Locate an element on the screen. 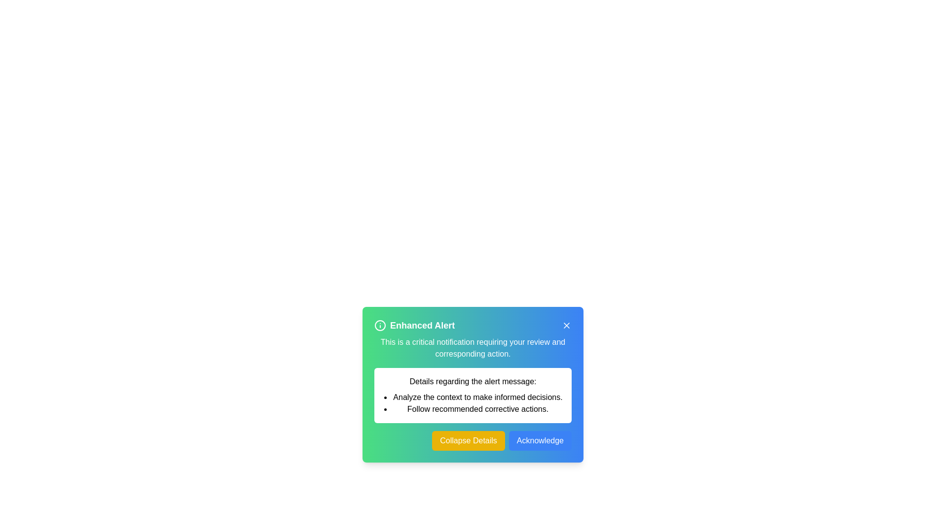 The width and height of the screenshot is (947, 532). text from the informational panel located centrally below the header 'This is a critical notification requiring your review and corresponding action.' is located at coordinates (473, 395).